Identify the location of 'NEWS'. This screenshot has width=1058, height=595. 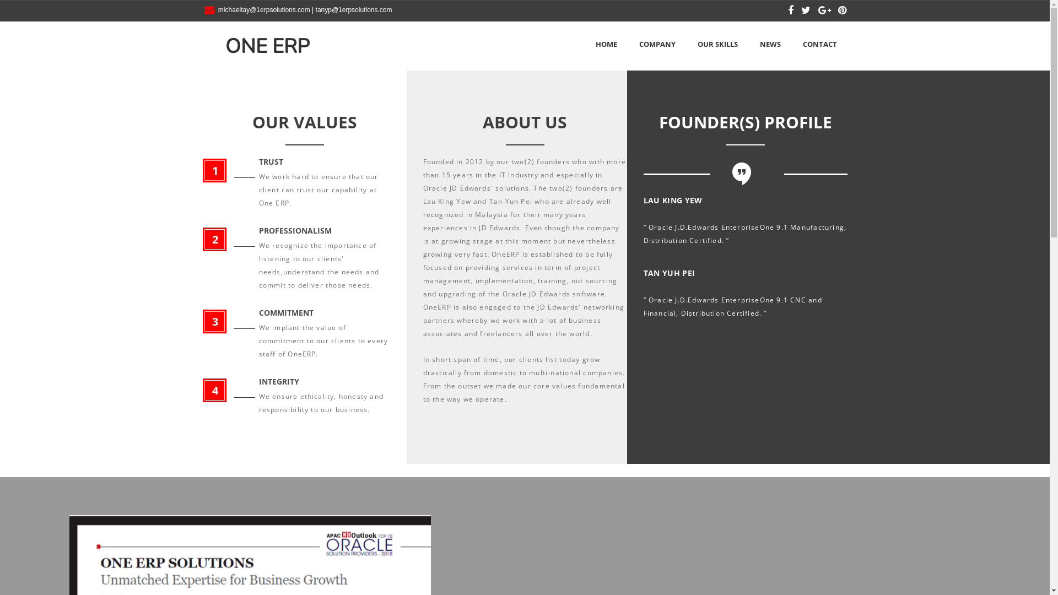
(769, 44).